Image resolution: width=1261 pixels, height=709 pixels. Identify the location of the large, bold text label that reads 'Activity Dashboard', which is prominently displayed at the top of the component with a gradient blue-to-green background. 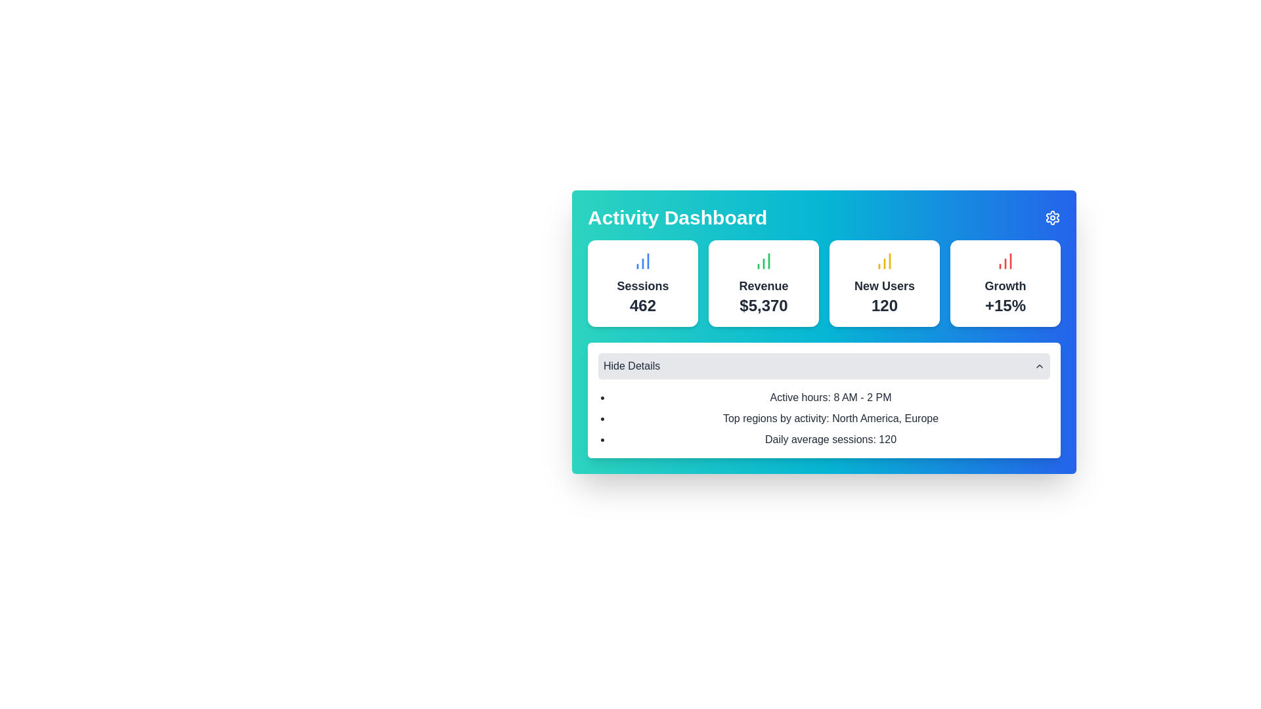
(677, 217).